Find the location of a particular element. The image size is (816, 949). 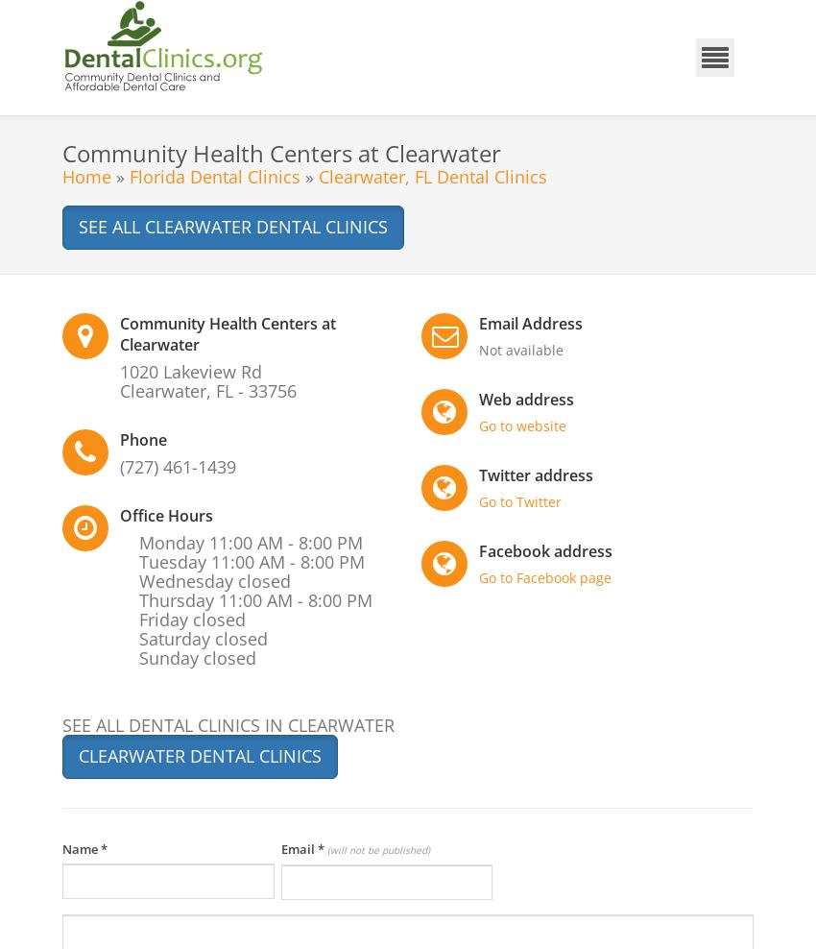

'Home' is located at coordinates (85, 175).